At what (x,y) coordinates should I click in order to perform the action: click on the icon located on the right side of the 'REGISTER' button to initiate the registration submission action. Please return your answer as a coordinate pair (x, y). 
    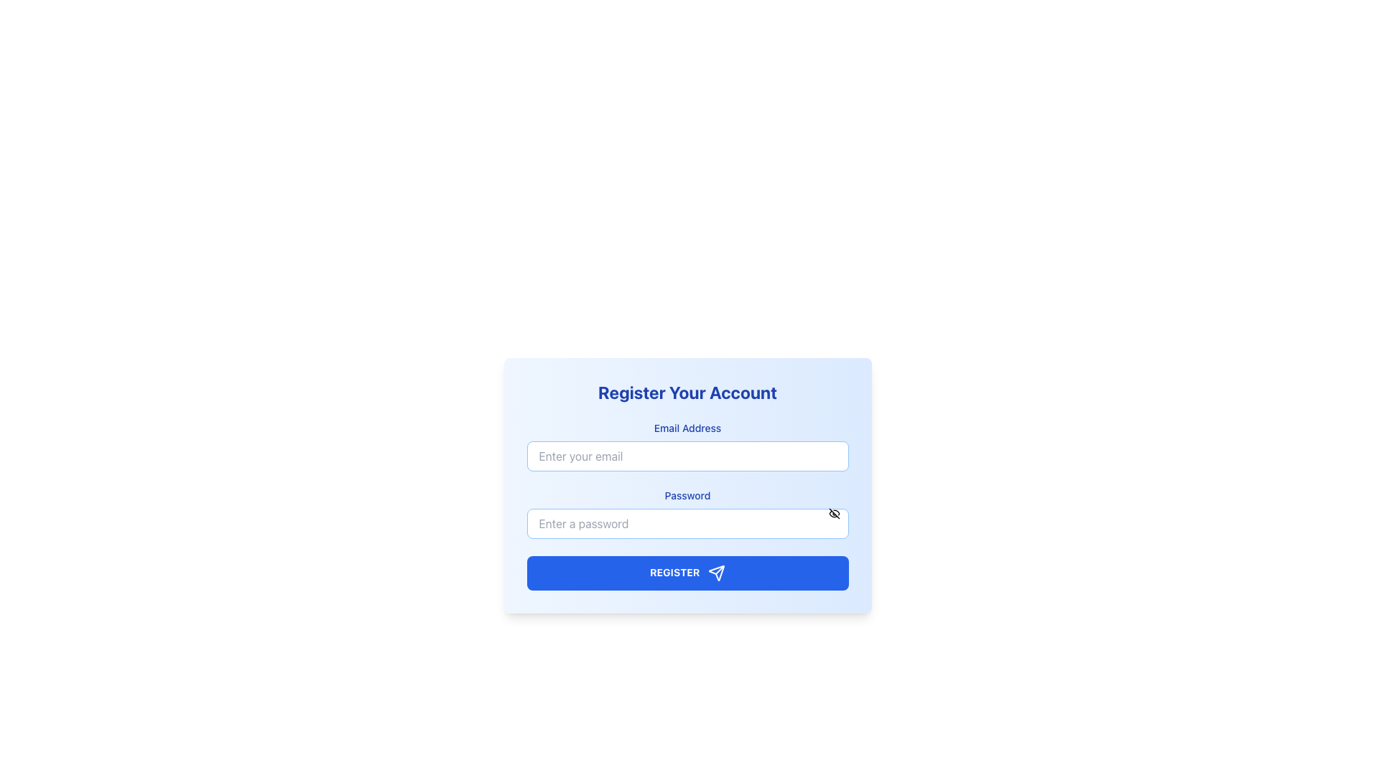
    Looking at the image, I should click on (717, 572).